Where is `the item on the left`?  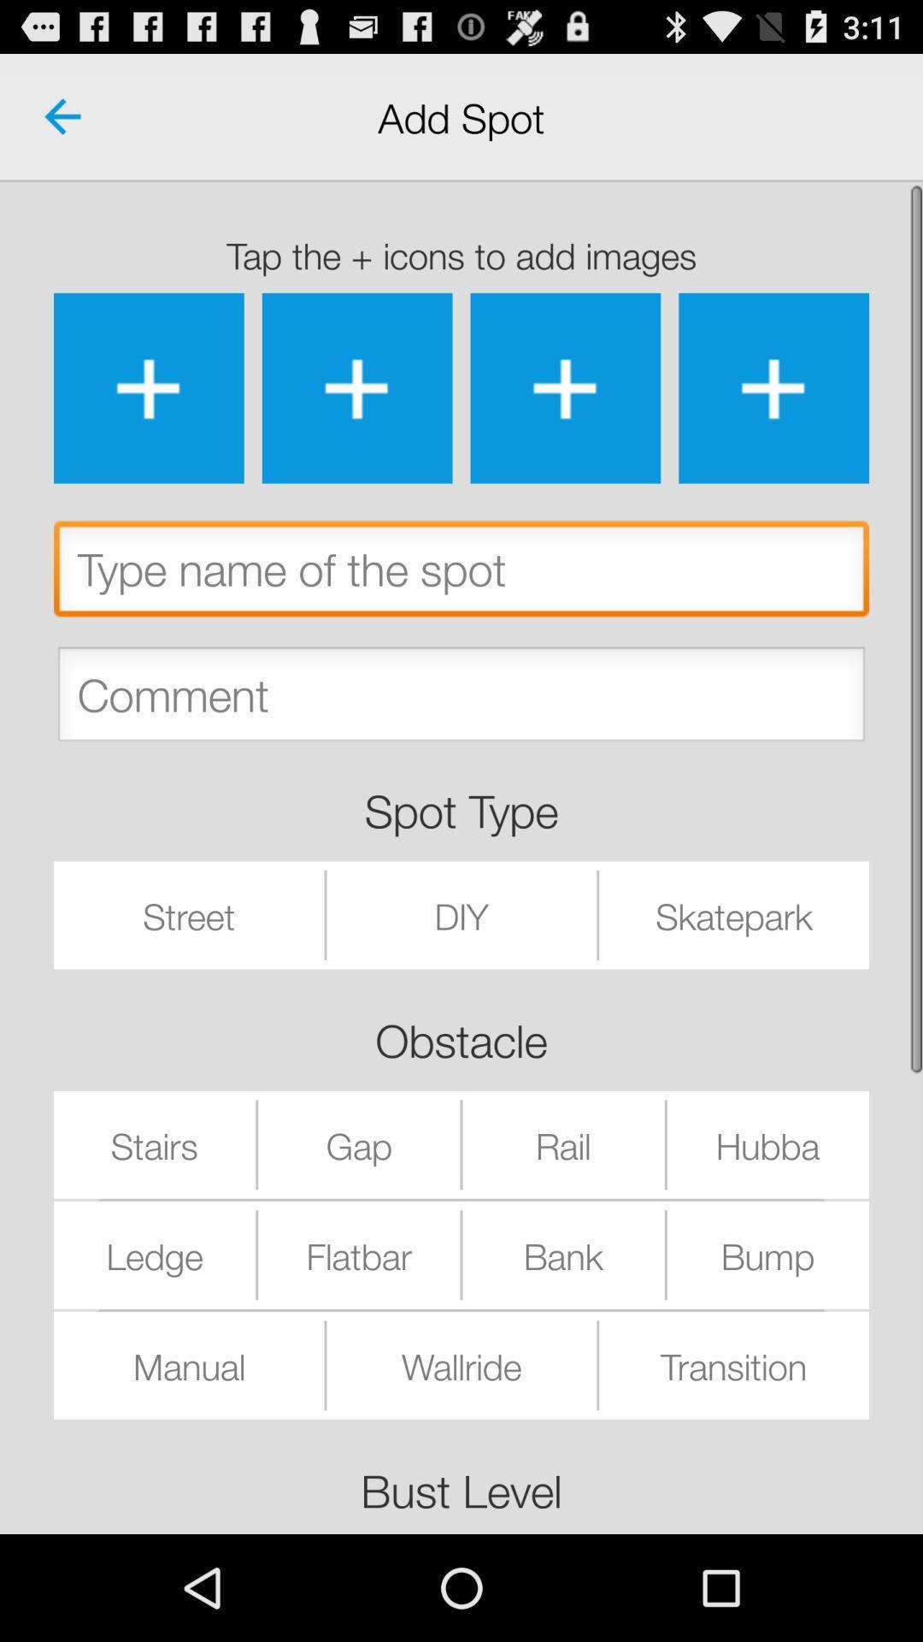 the item on the left is located at coordinates (189, 914).